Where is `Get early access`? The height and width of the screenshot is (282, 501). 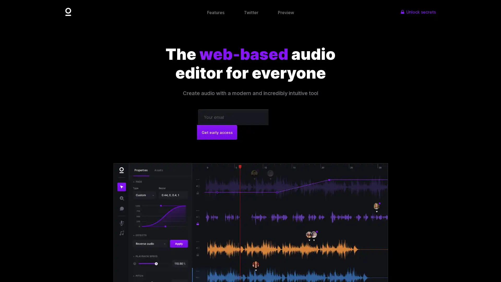
Get early access is located at coordinates (285, 117).